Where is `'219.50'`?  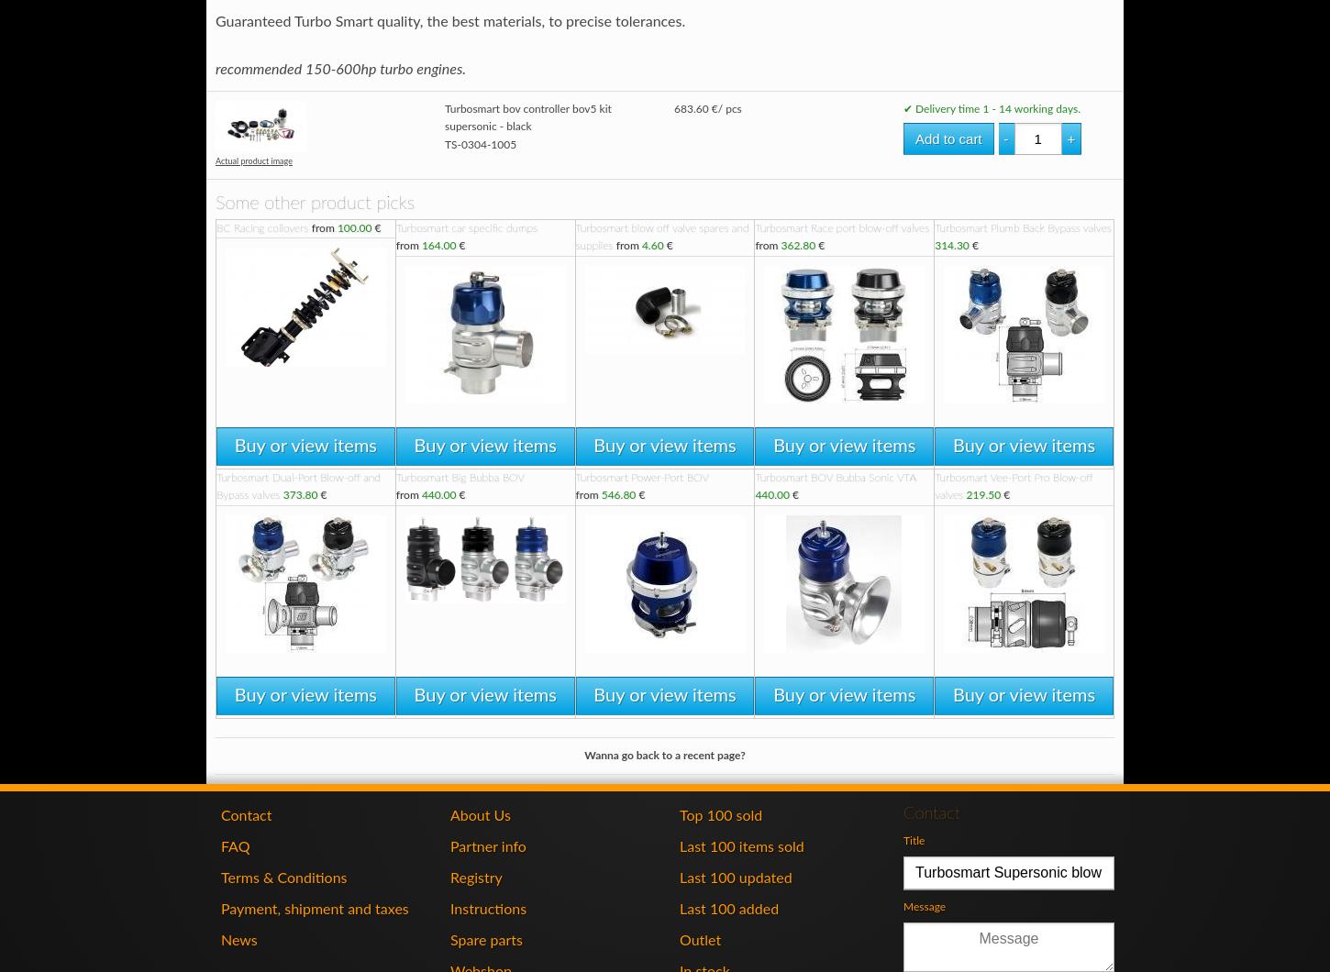 '219.50' is located at coordinates (982, 494).